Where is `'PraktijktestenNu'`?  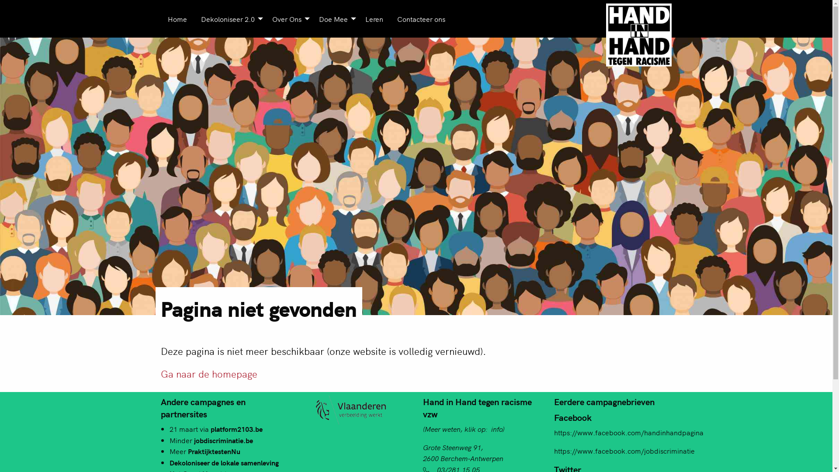 'PraktijktestenNu' is located at coordinates (214, 451).